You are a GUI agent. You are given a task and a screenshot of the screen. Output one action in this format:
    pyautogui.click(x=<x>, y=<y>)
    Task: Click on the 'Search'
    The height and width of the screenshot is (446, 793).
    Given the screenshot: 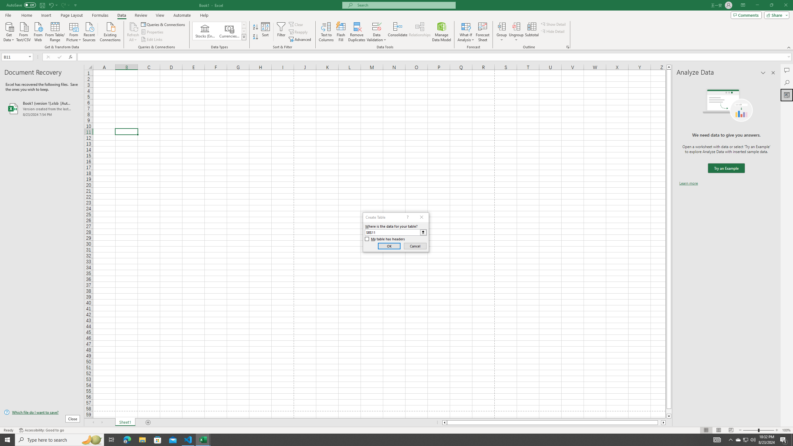 What is the action you would take?
    pyautogui.click(x=786, y=83)
    